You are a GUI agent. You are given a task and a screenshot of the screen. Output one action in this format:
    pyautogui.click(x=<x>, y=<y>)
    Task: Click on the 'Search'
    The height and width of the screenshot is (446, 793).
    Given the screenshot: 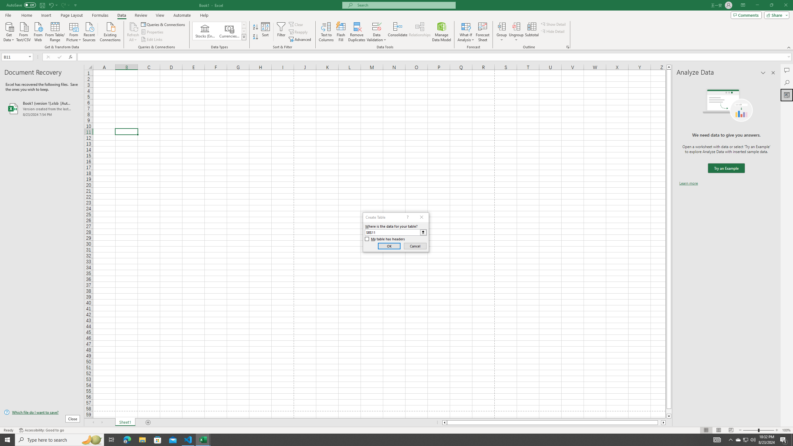 What is the action you would take?
    pyautogui.click(x=786, y=83)
    